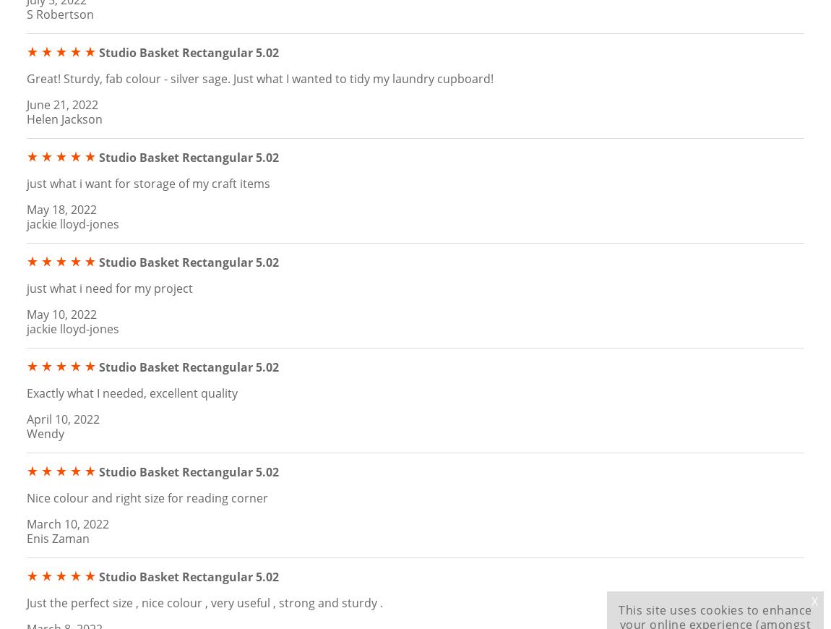  What do you see at coordinates (131, 391) in the screenshot?
I see `'Exactly what I needed, excellent quality'` at bounding box center [131, 391].